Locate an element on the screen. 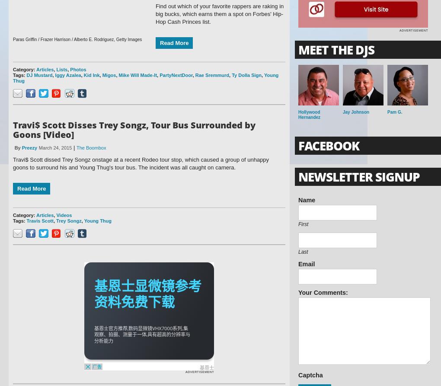 The width and height of the screenshot is (441, 386). 'Videos' is located at coordinates (56, 215).